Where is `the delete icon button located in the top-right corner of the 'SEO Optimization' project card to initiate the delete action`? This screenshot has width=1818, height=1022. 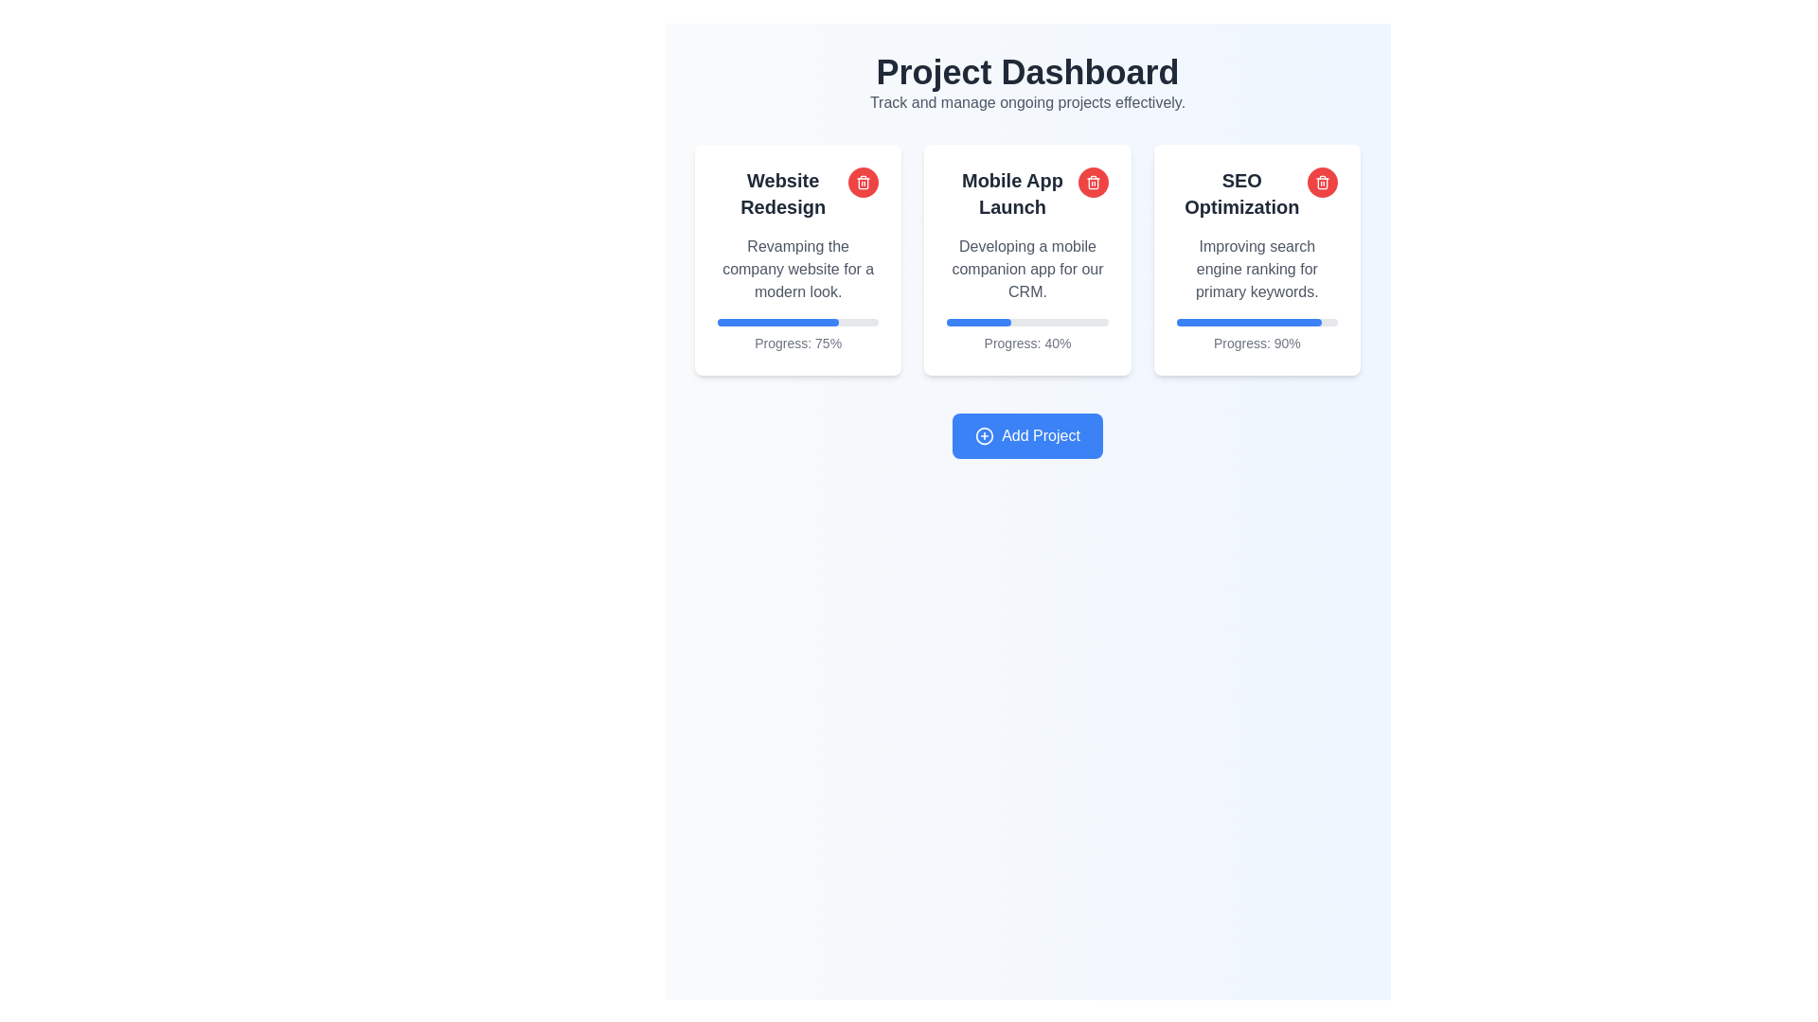
the delete icon button located in the top-right corner of the 'SEO Optimization' project card to initiate the delete action is located at coordinates (1321, 182).